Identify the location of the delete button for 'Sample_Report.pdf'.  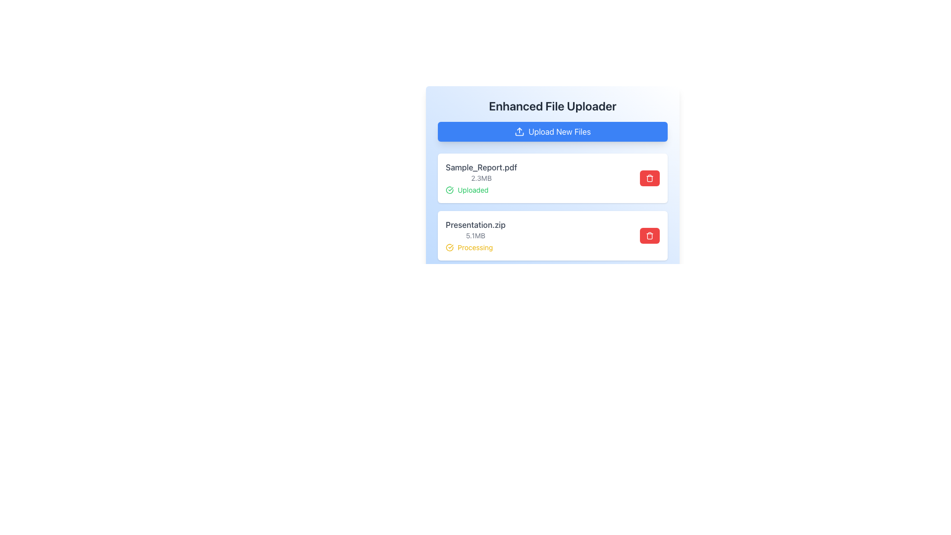
(649, 177).